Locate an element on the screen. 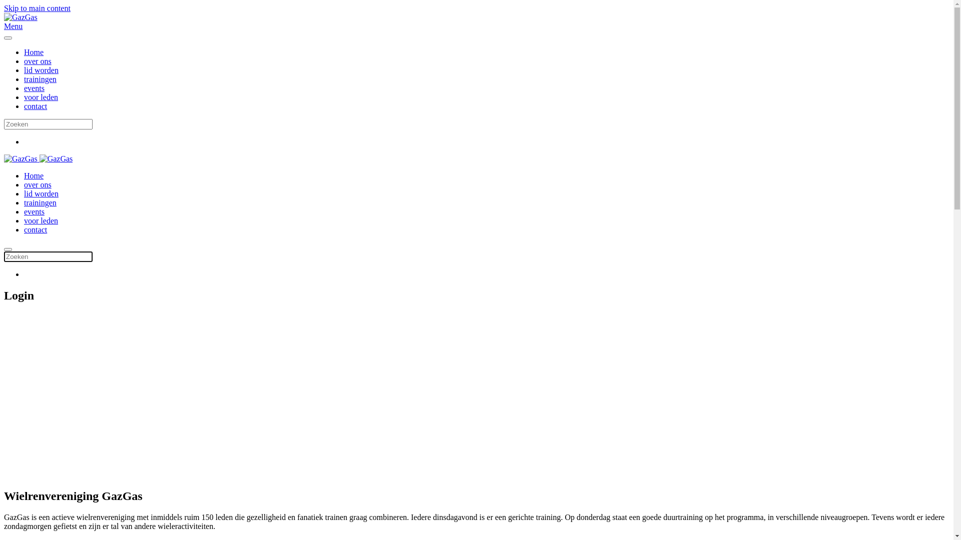  'Inloggen' is located at coordinates (84, 439).